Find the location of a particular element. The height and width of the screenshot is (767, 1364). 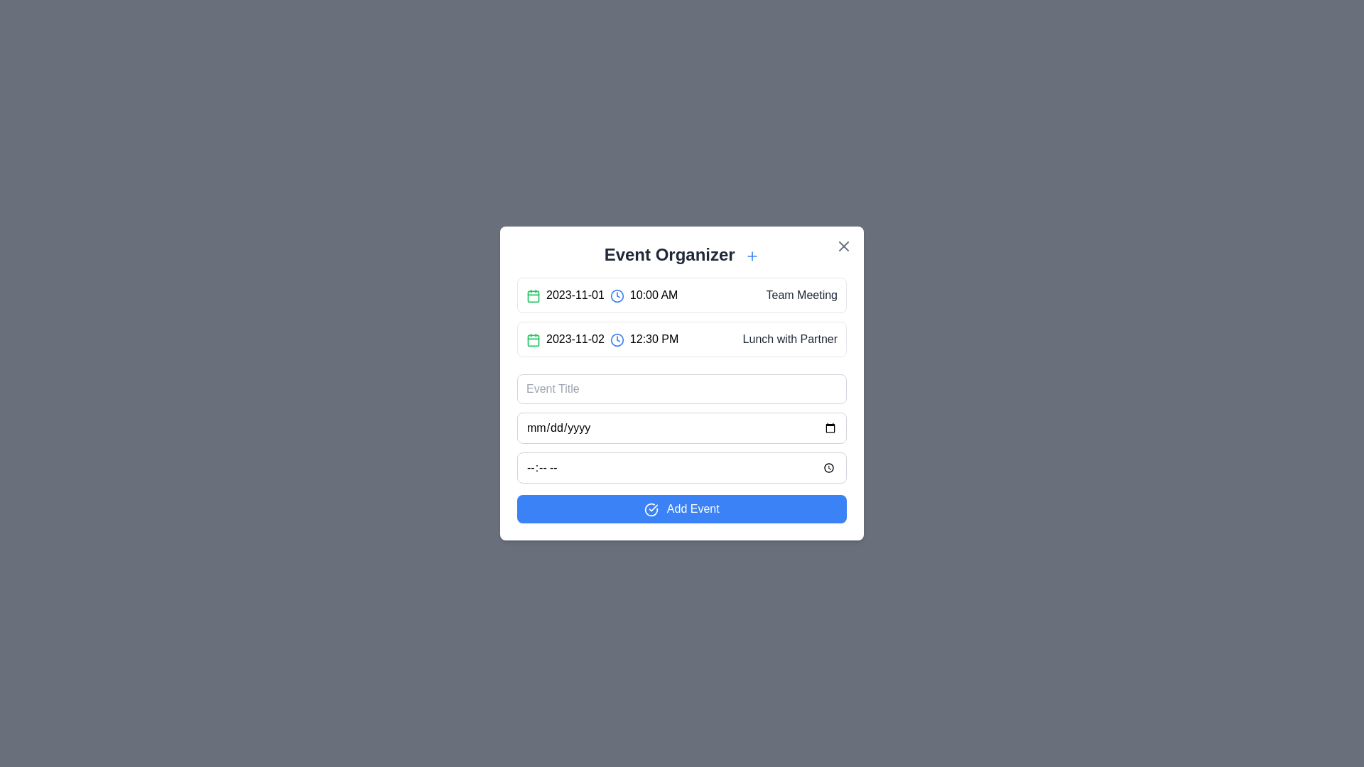

the input fields of the 'Event Organizer' modal dialog box to add event information is located at coordinates (682, 383).